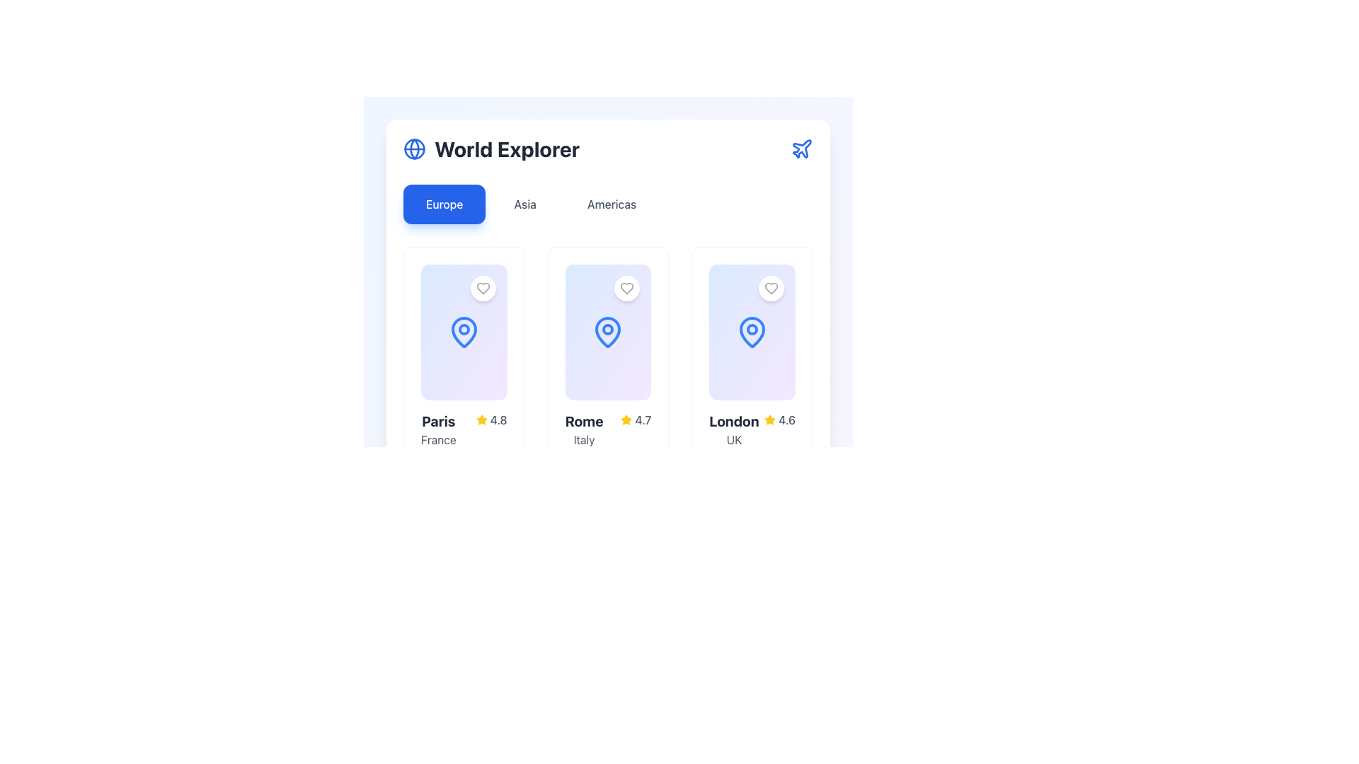  Describe the element at coordinates (498, 419) in the screenshot. I see `the Text Display element showing the numerical text '4.8' in gray, located to the right of the yellow star icon in the 'Paris' location card under the 'Europe' tab` at that location.